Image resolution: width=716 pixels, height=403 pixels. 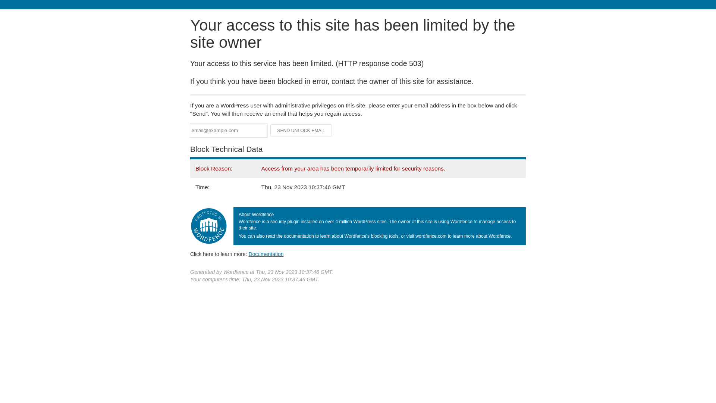 I want to click on 'Send Unlock Email', so click(x=301, y=130).